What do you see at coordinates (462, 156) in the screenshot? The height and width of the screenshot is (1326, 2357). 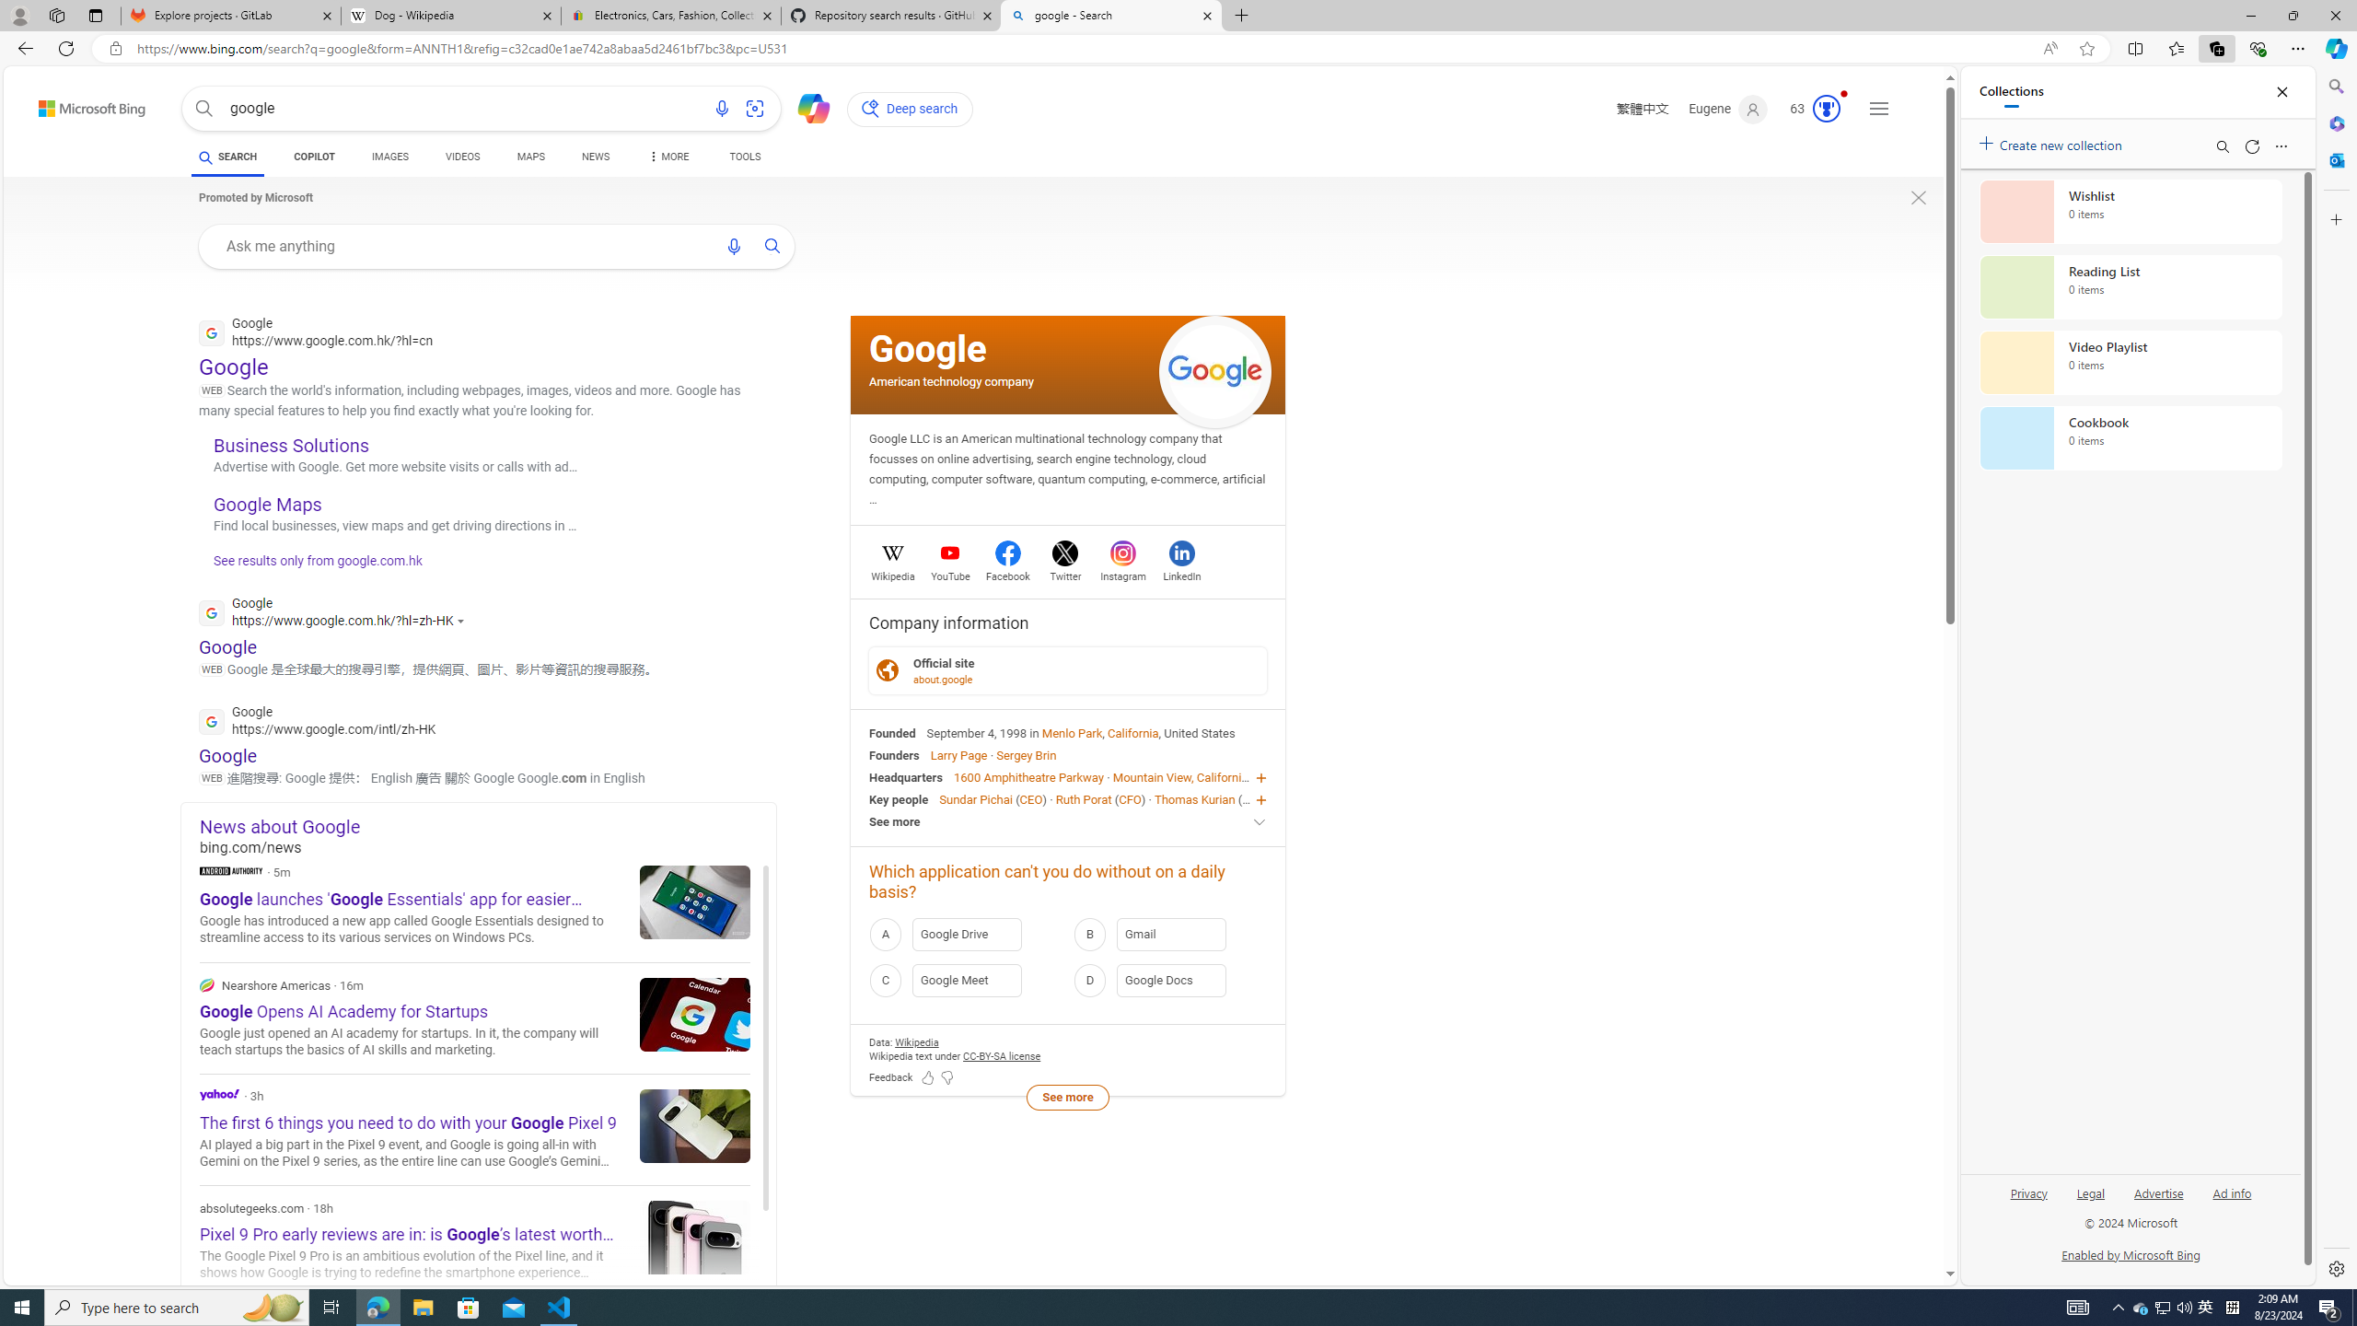 I see `'VIDEOS'` at bounding box center [462, 156].